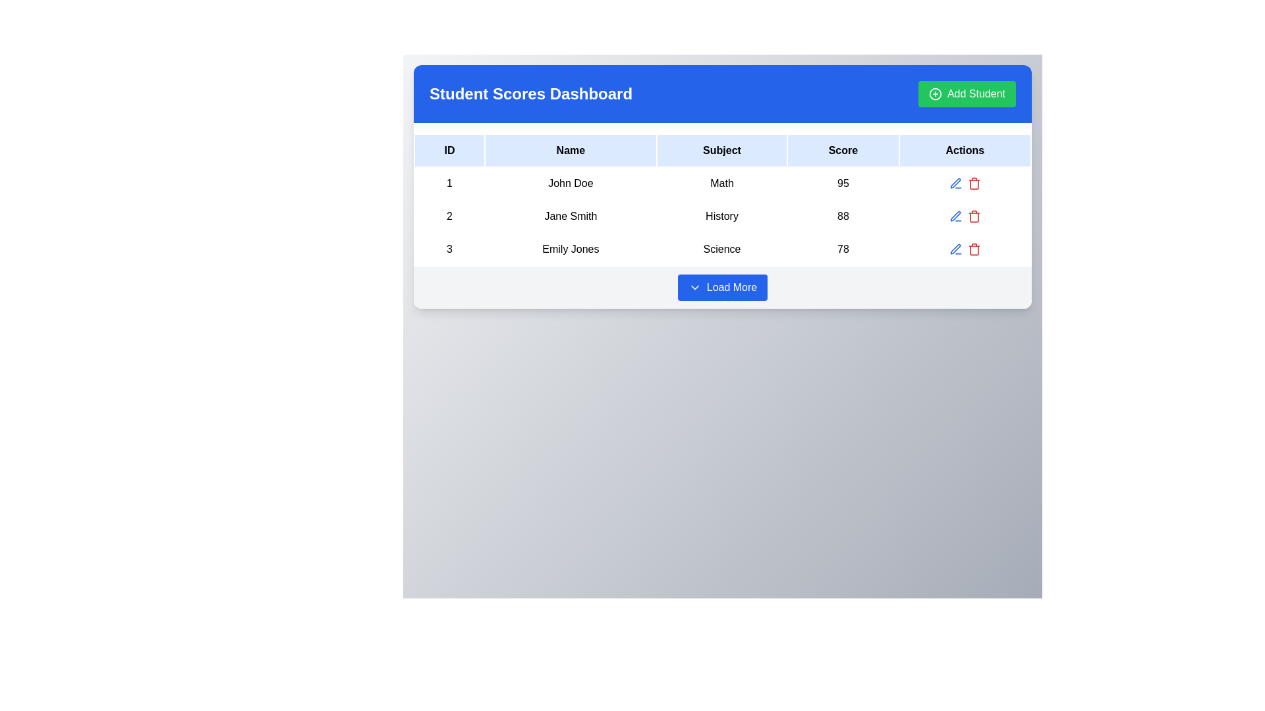  I want to click on the Table Header Cell displaying 'ID', which is styled with padding and contained in a light blue header, located at the top-left corner of the table header row, so click(449, 149).